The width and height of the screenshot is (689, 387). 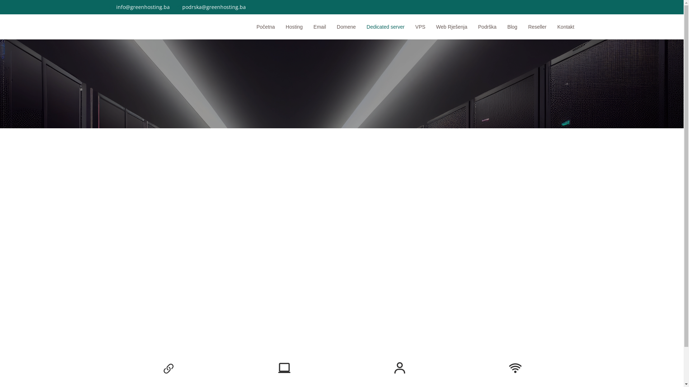 What do you see at coordinates (314, 26) in the screenshot?
I see `'Email'` at bounding box center [314, 26].